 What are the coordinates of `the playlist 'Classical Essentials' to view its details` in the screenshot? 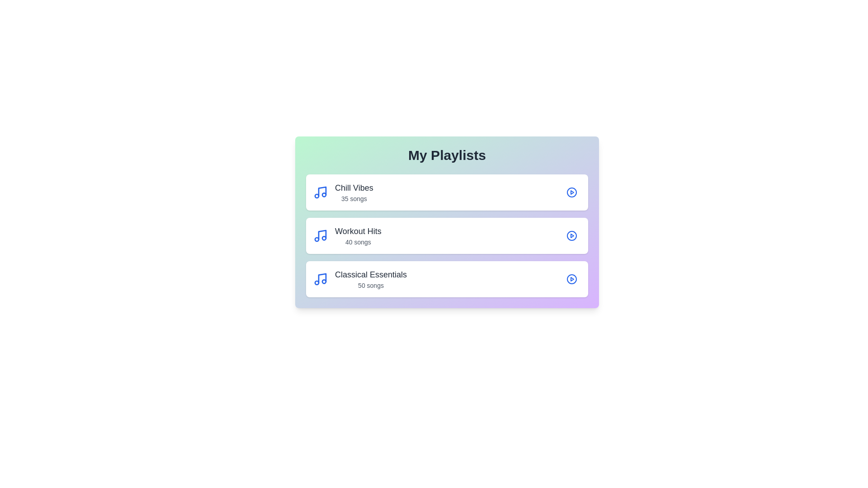 It's located at (447, 278).